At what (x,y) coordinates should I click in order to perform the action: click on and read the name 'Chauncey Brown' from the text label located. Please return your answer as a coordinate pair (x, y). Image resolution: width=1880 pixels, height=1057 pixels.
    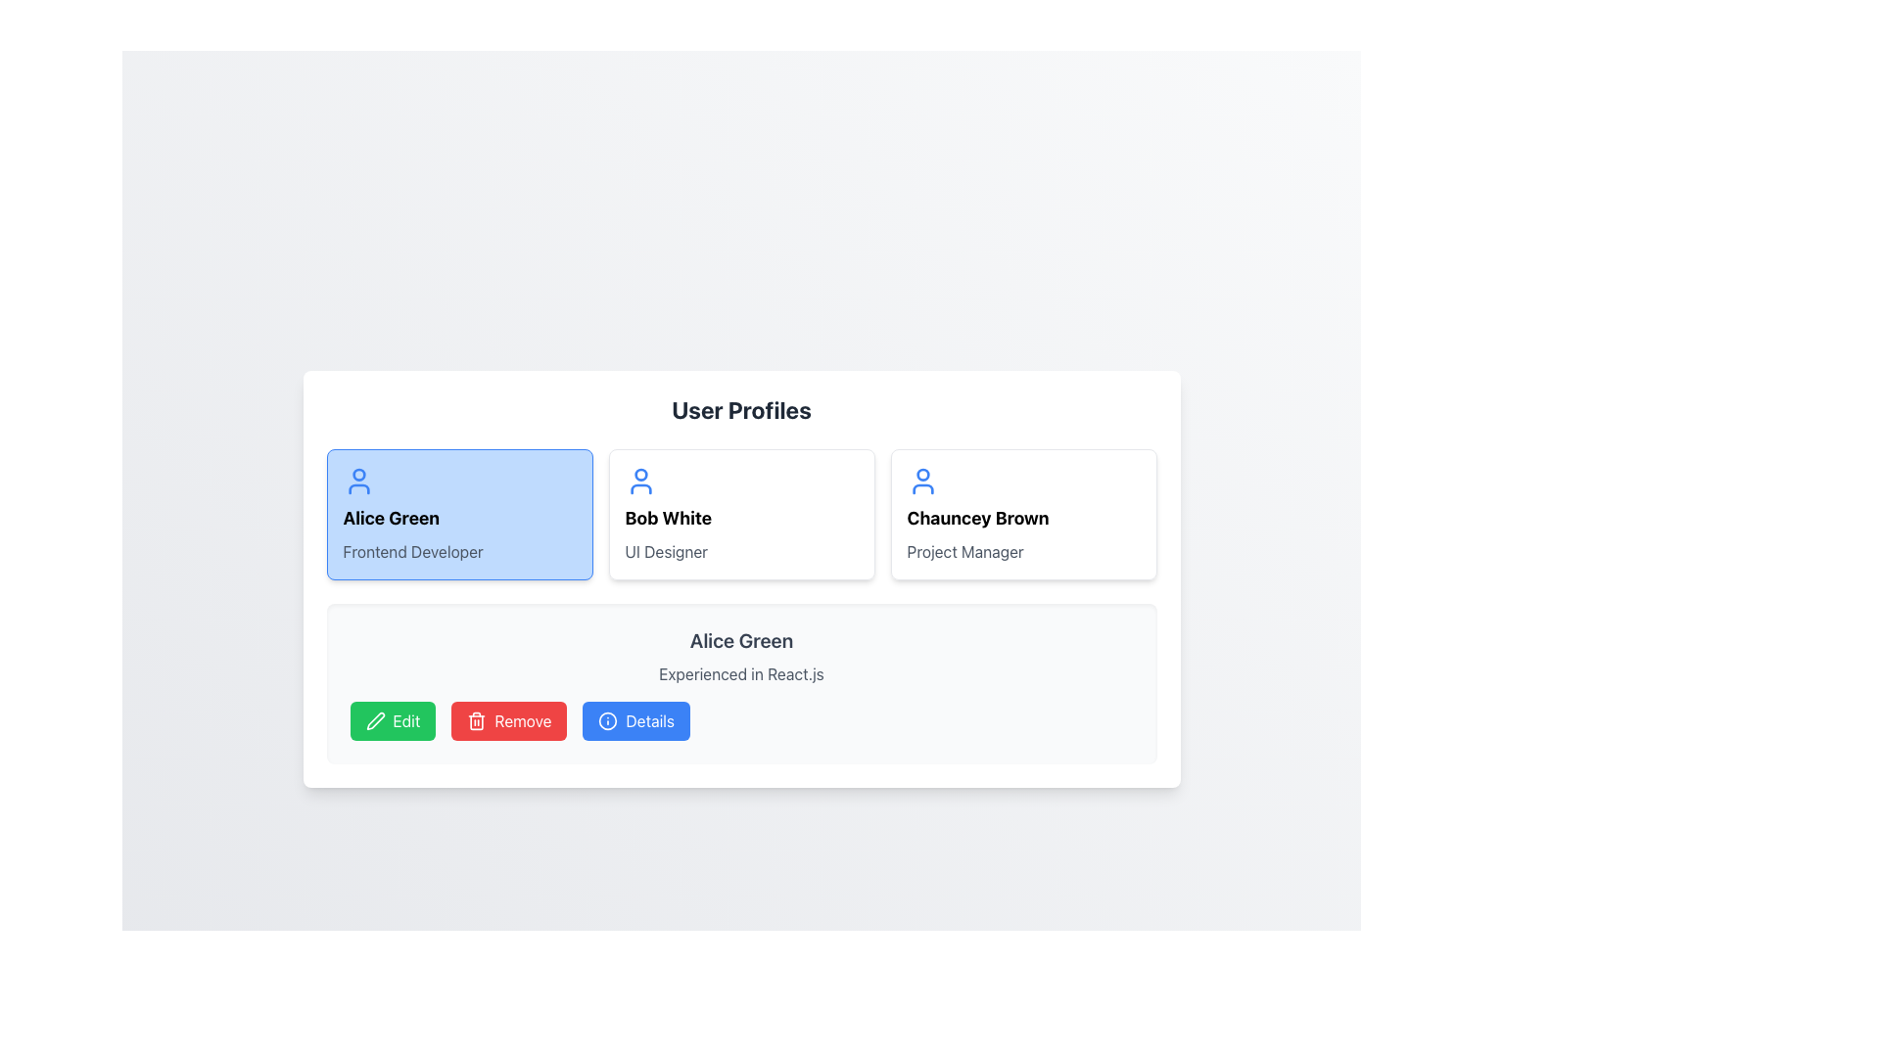
    Looking at the image, I should click on (977, 517).